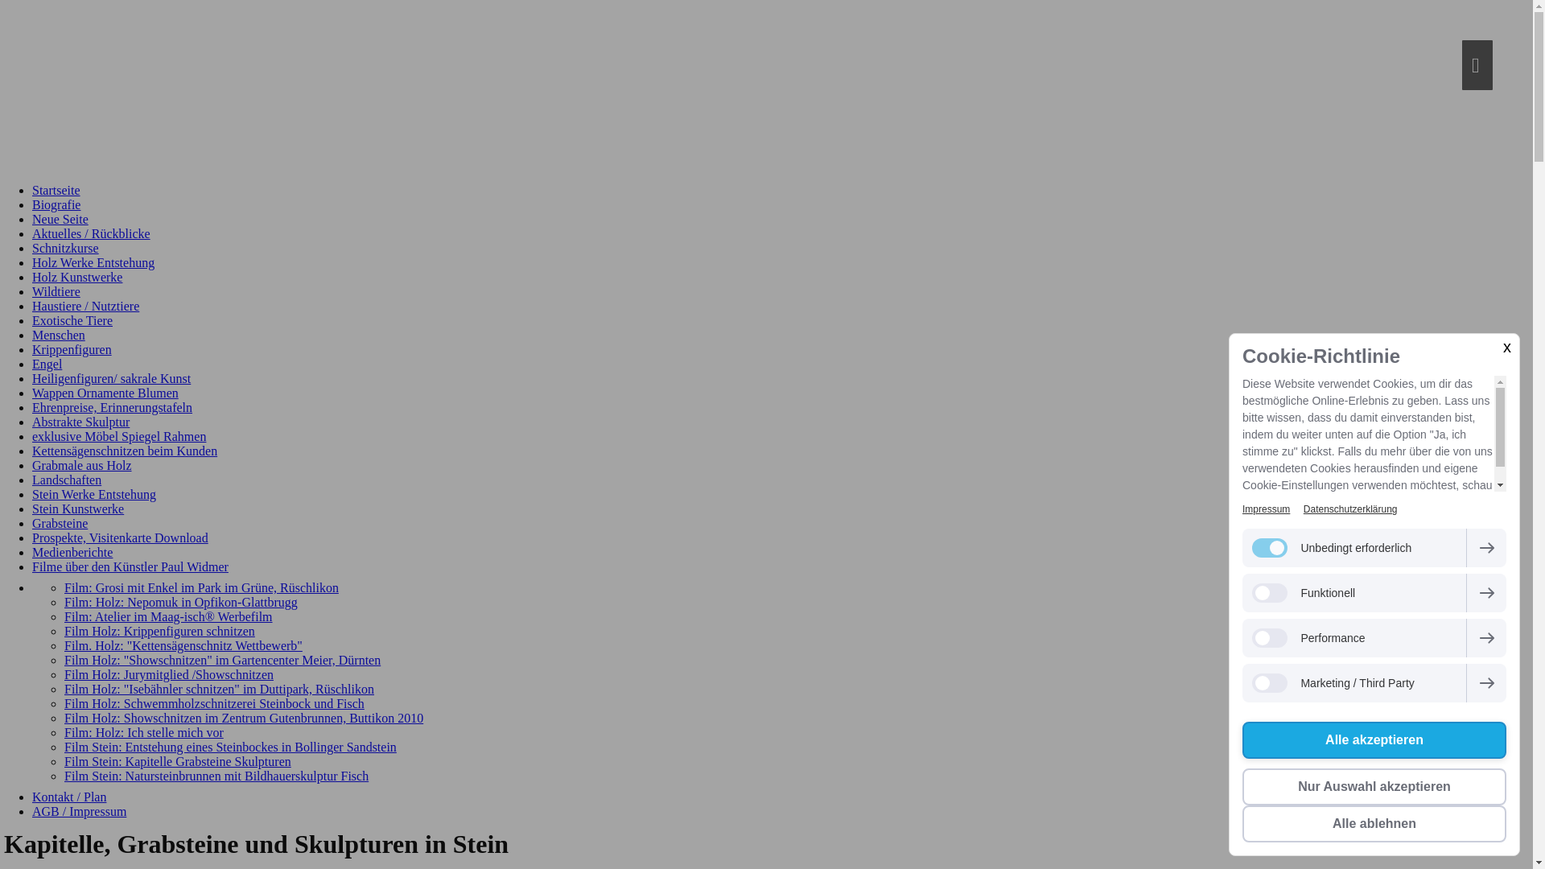 The height and width of the screenshot is (869, 1545). What do you see at coordinates (60, 219) in the screenshot?
I see `'Neue Seite'` at bounding box center [60, 219].